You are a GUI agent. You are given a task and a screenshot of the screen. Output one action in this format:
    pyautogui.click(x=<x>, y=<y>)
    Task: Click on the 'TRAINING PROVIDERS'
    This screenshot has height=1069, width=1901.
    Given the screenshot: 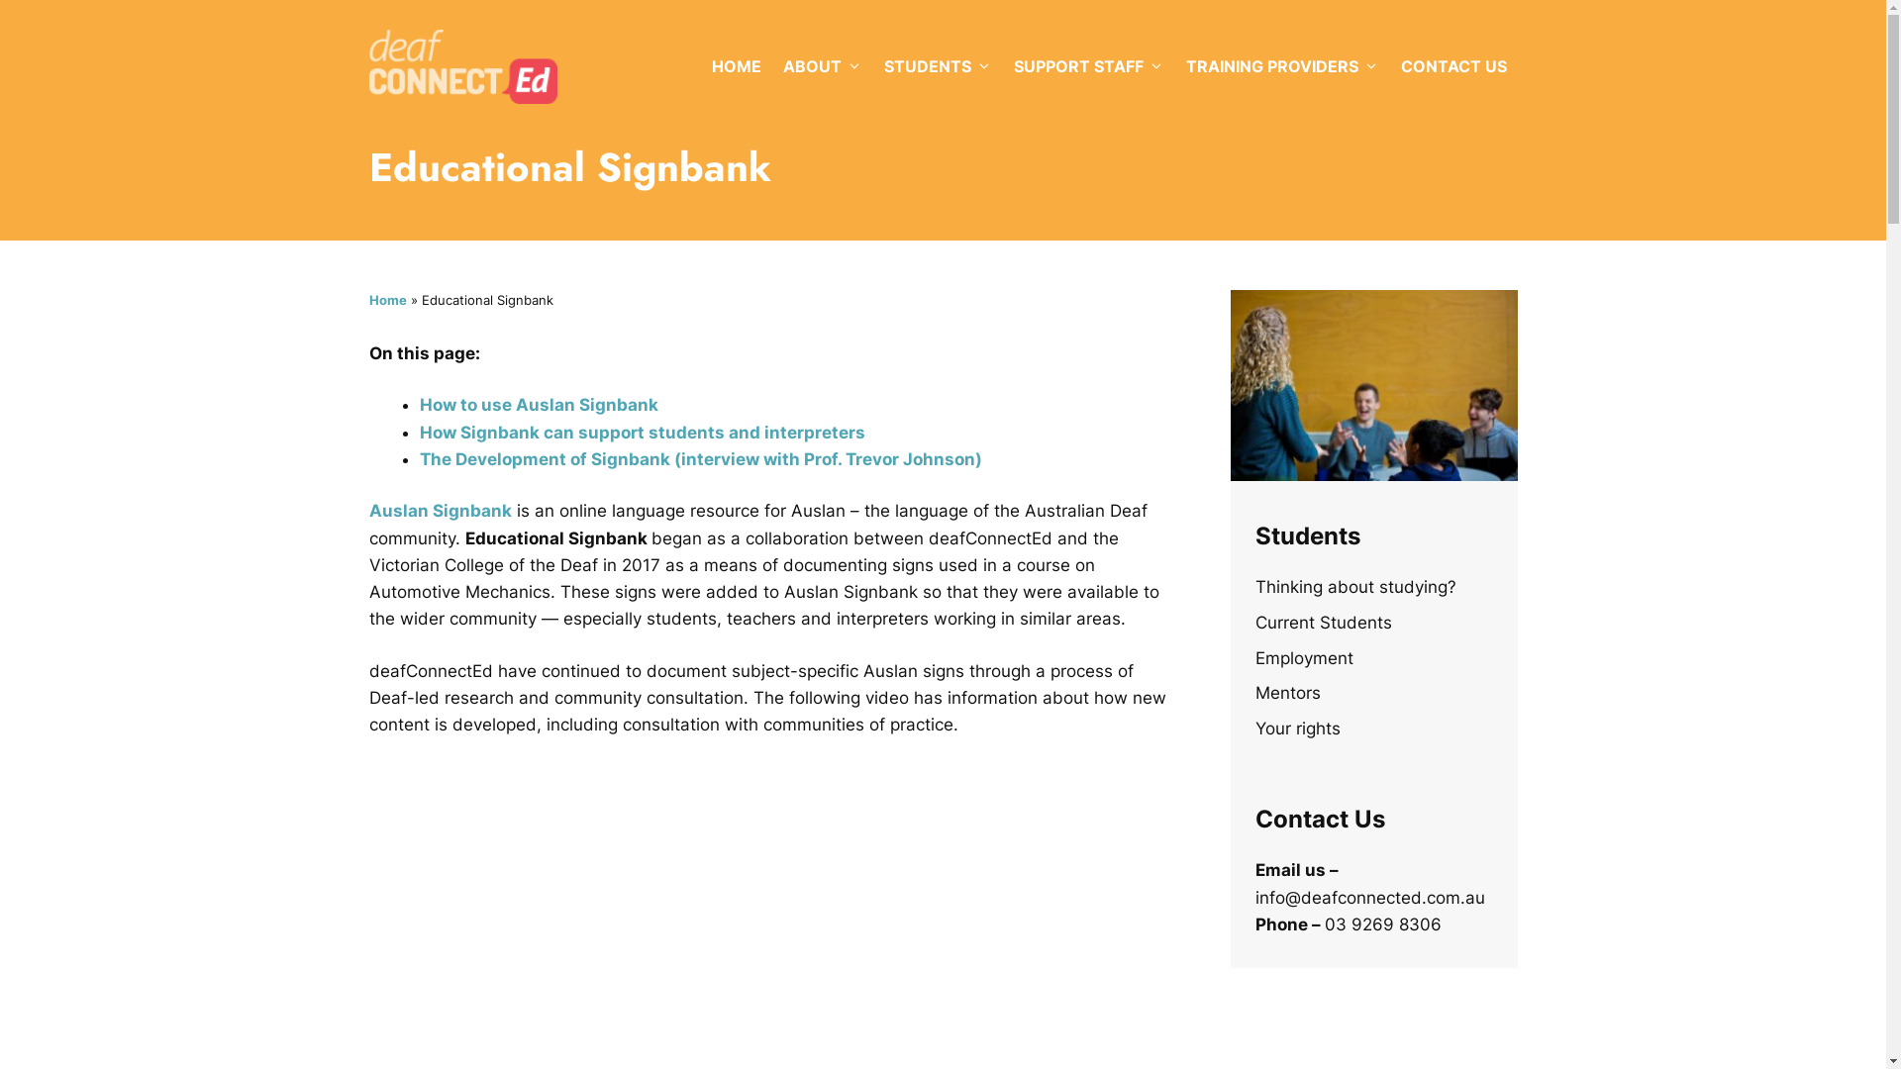 What is the action you would take?
    pyautogui.click(x=1173, y=64)
    